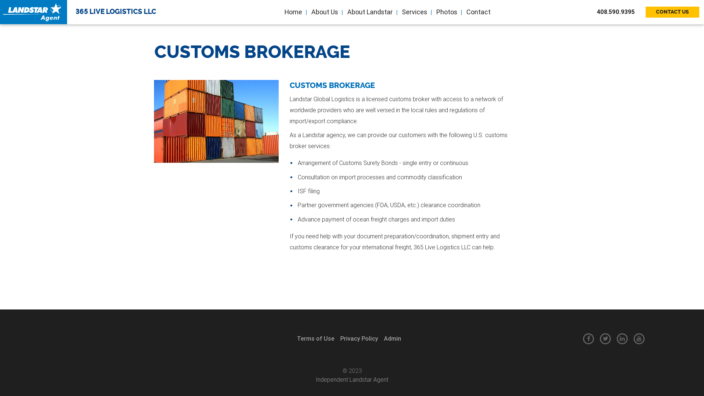 Image resolution: width=704 pixels, height=396 pixels. I want to click on 'About Landstar', so click(369, 12).